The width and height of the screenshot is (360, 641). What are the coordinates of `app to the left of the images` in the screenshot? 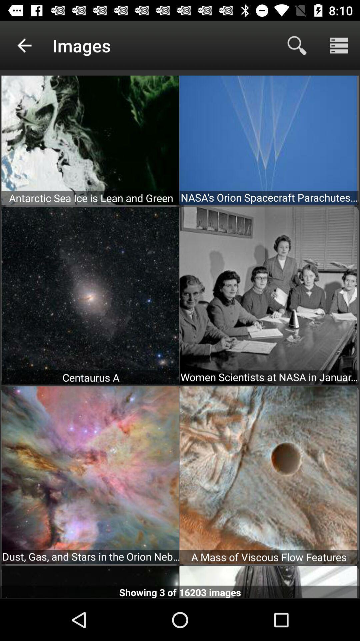 It's located at (24, 45).